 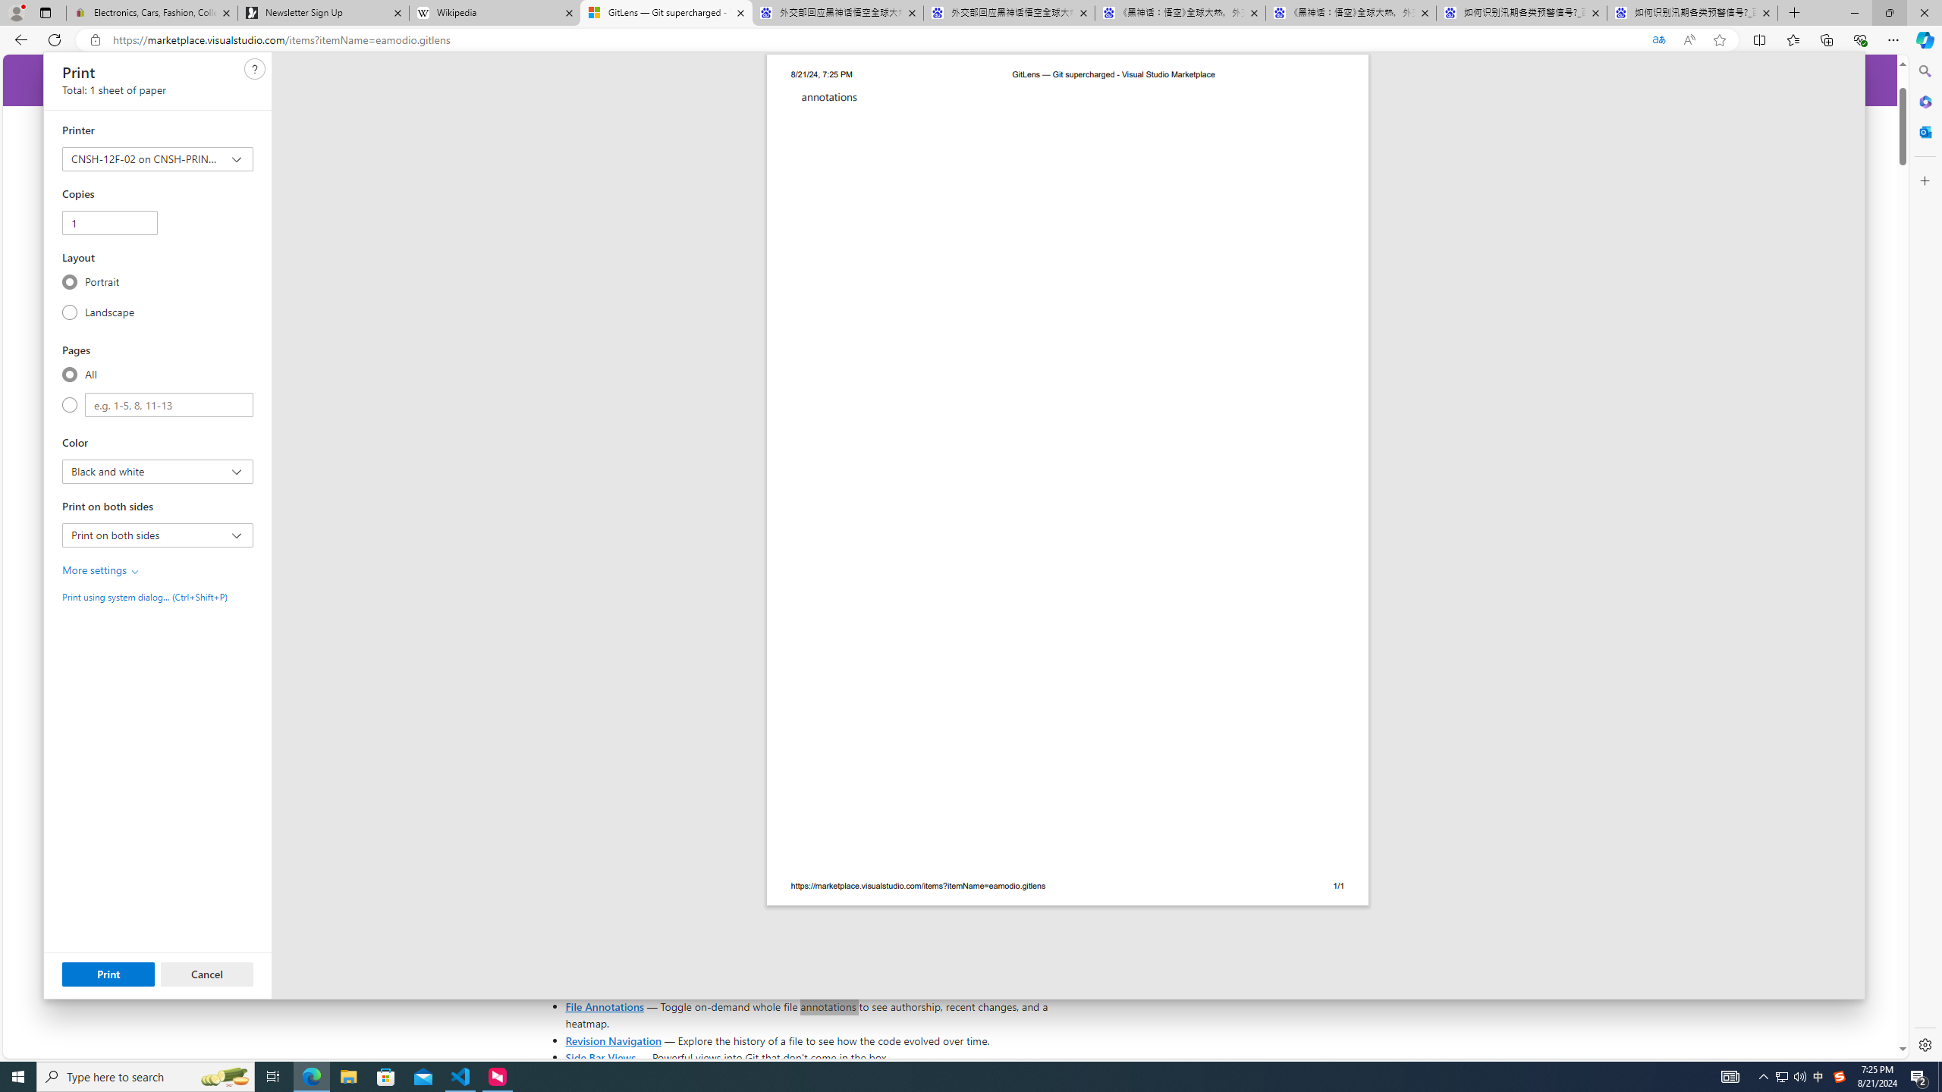 What do you see at coordinates (69, 374) in the screenshot?
I see `'All'` at bounding box center [69, 374].